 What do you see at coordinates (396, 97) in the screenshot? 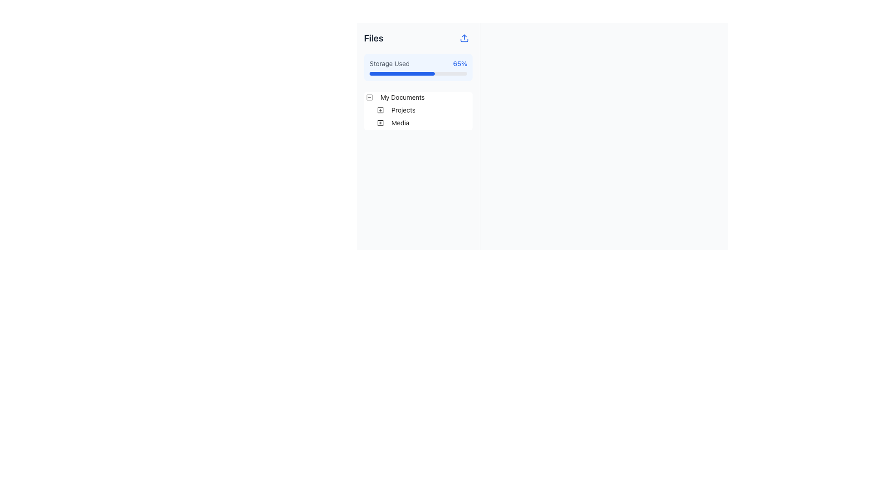
I see `the 'My Documents' folder entry in the tree structure` at bounding box center [396, 97].